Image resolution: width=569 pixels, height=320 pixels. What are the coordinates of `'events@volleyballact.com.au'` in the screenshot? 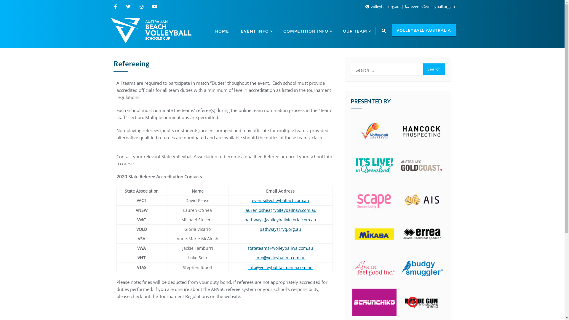 It's located at (280, 200).